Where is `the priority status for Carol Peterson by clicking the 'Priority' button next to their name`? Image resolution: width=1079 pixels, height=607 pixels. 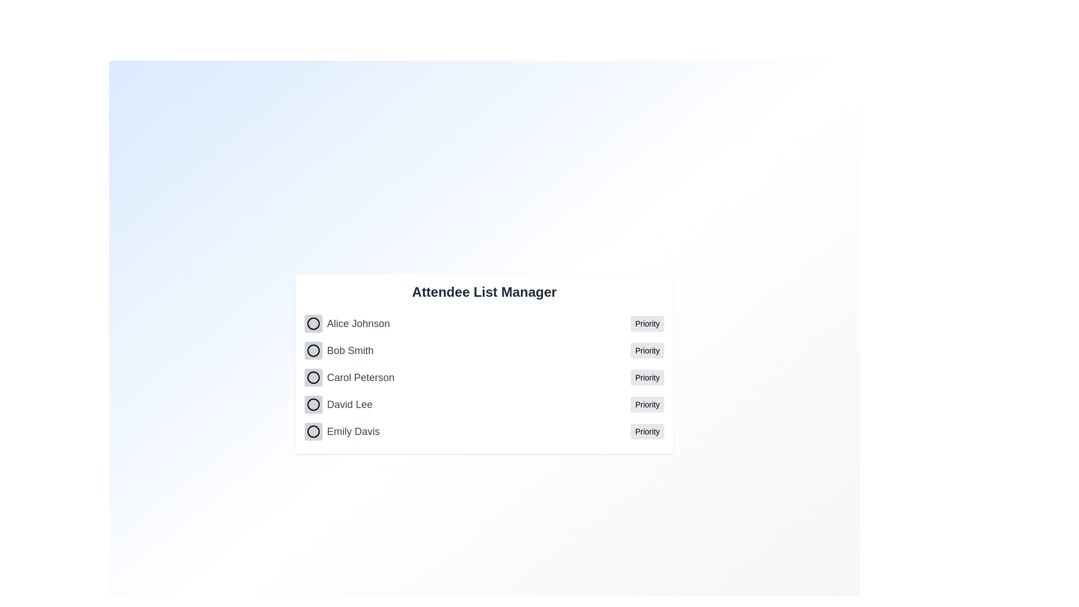 the priority status for Carol Peterson by clicking the 'Priority' button next to their name is located at coordinates (647, 377).